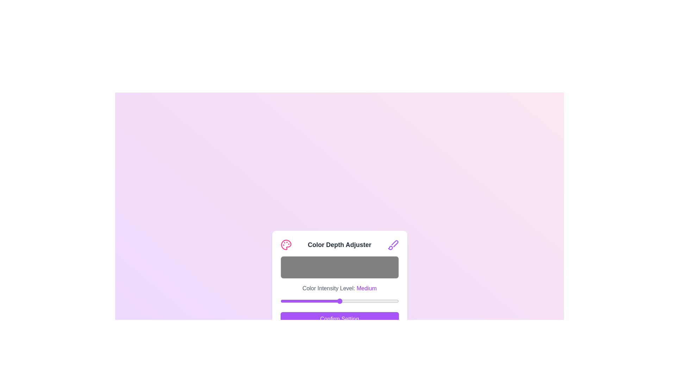 This screenshot has width=676, height=380. Describe the element at coordinates (339, 319) in the screenshot. I see `the 'Confirm Setting' button to confirm the current color setting` at that location.